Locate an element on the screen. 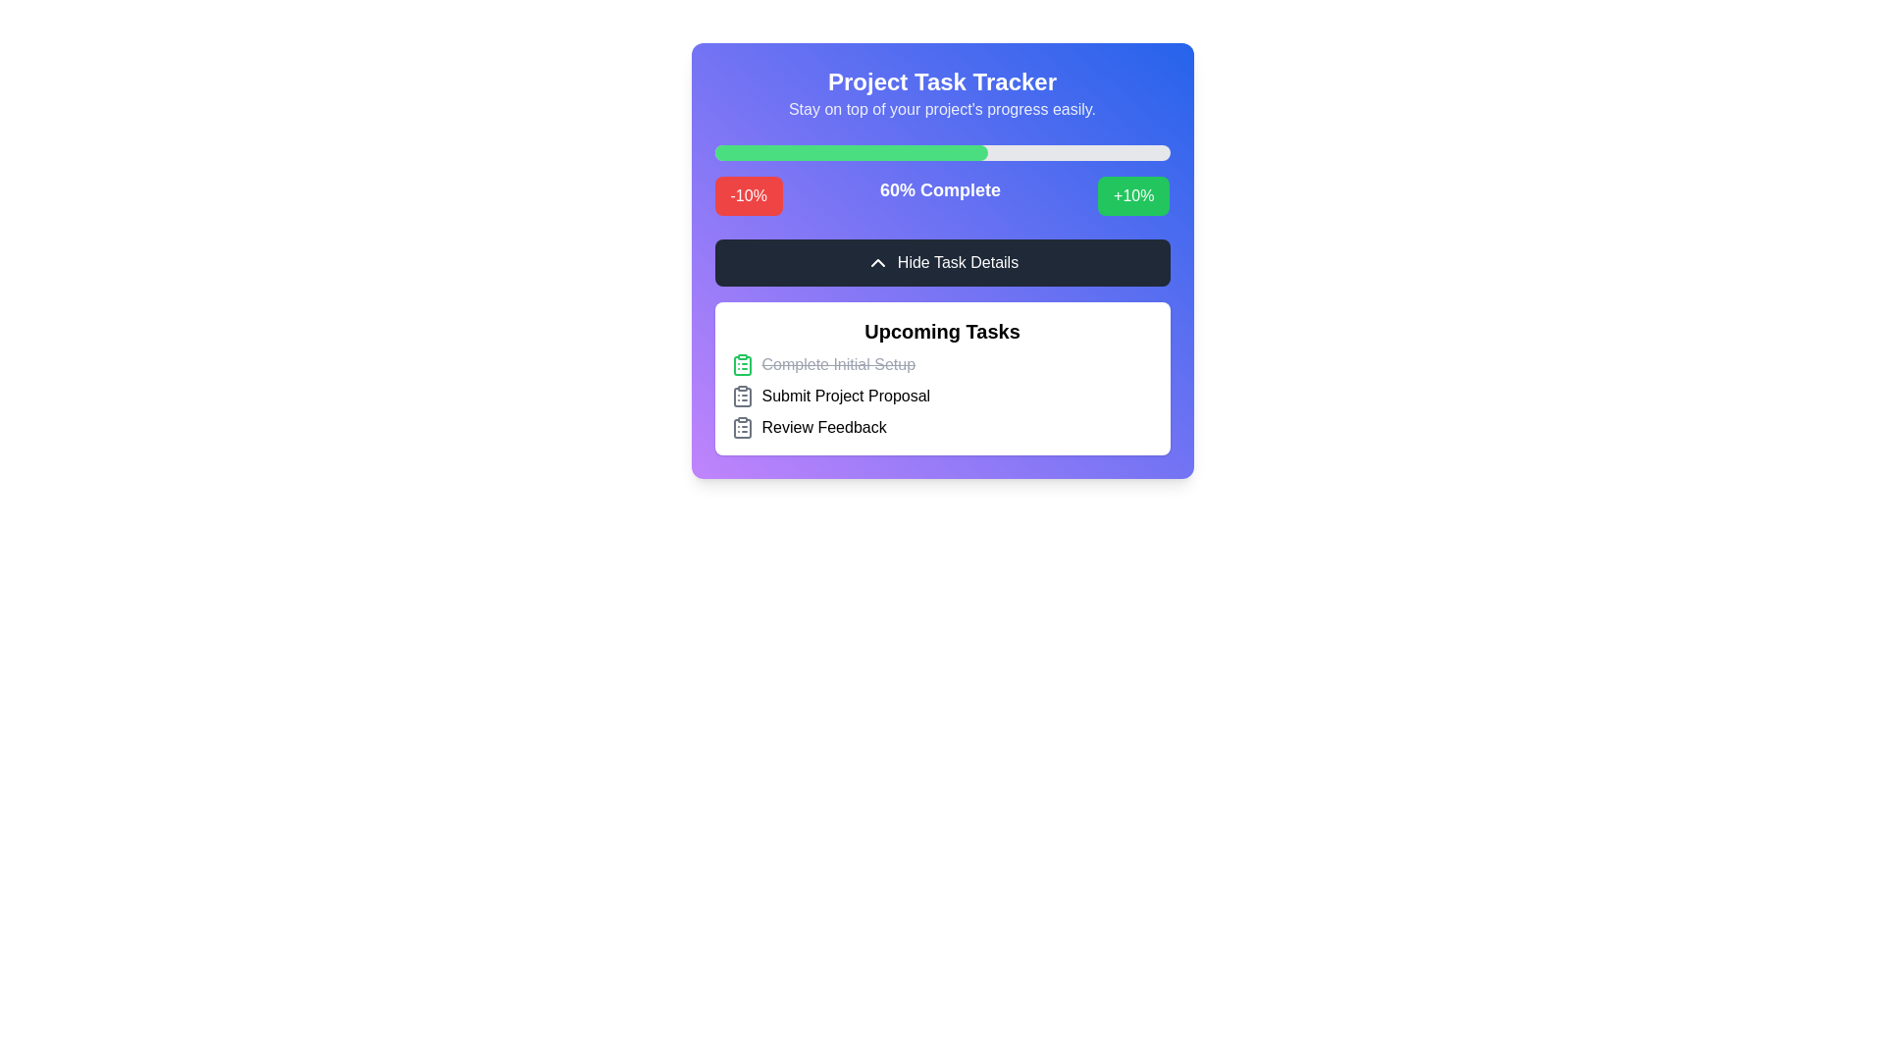 The width and height of the screenshot is (1884, 1060). the clipboard icon in the 'Upcoming Tasks' section, which is styled in gray and features list items, located immediately to the left of the 'Review Feedback' text is located at coordinates (741, 426).